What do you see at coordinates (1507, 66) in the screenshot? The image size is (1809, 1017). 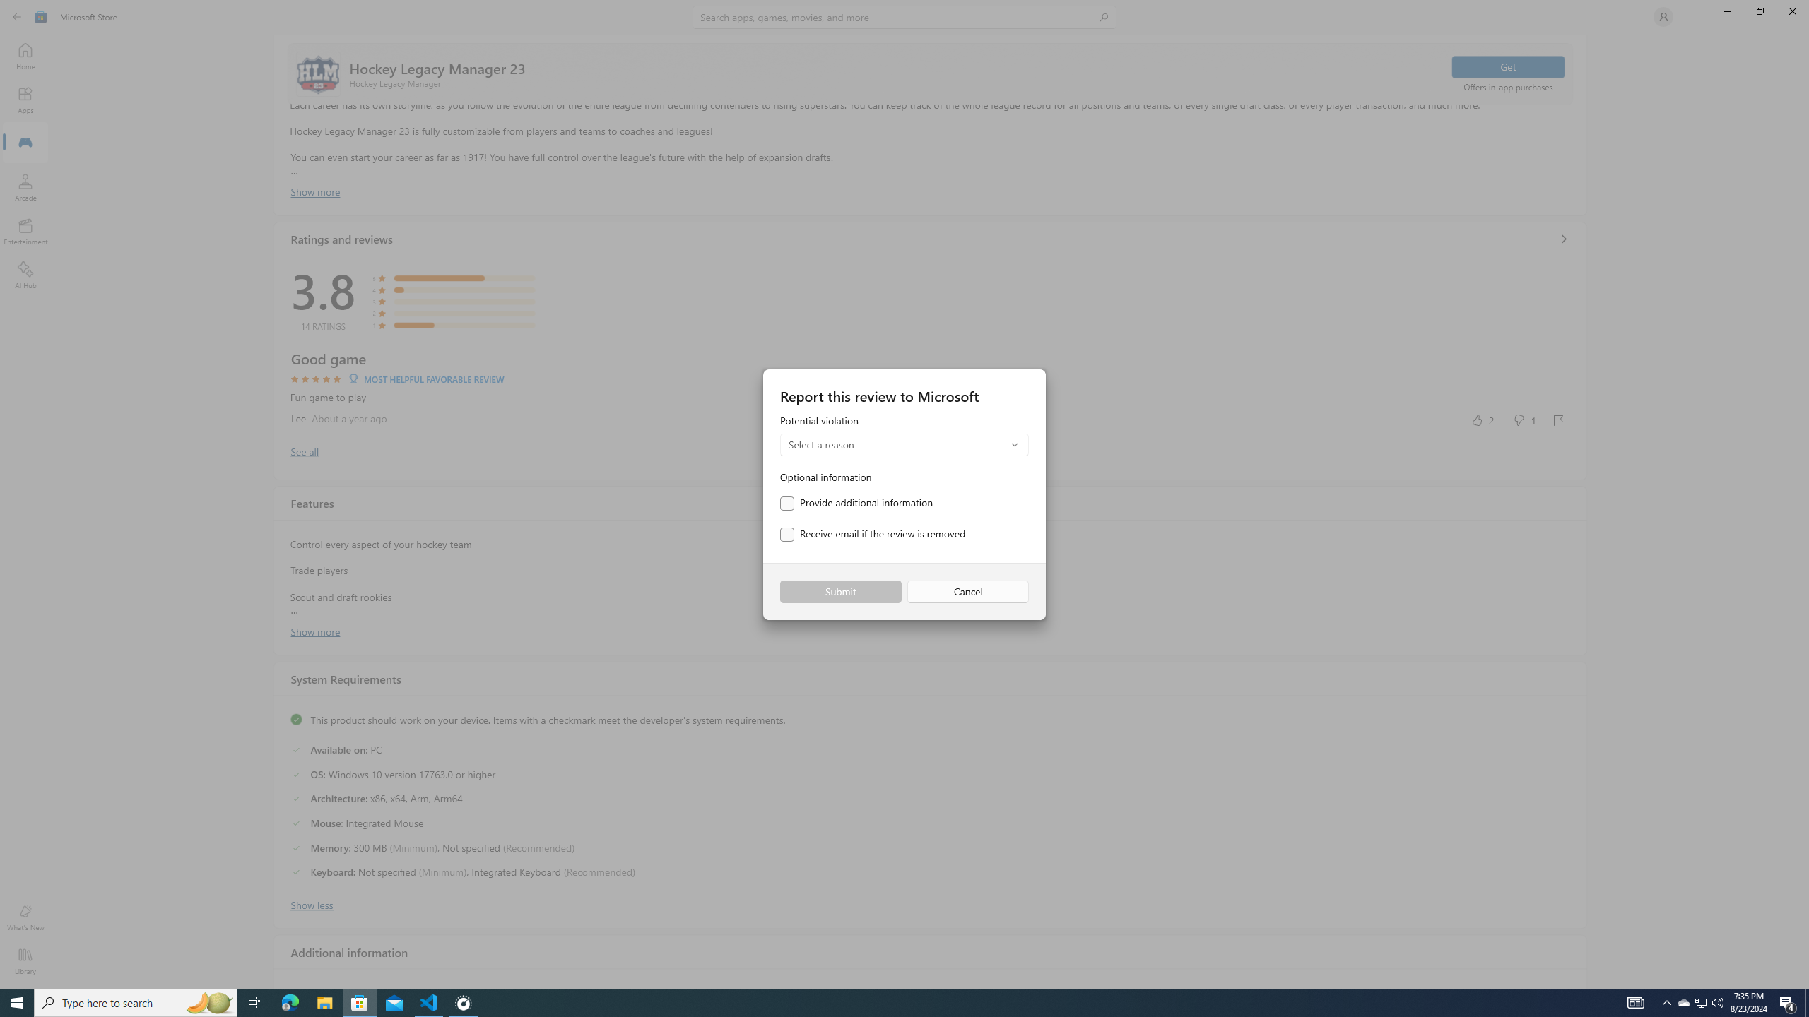 I see `'Get'` at bounding box center [1507, 66].